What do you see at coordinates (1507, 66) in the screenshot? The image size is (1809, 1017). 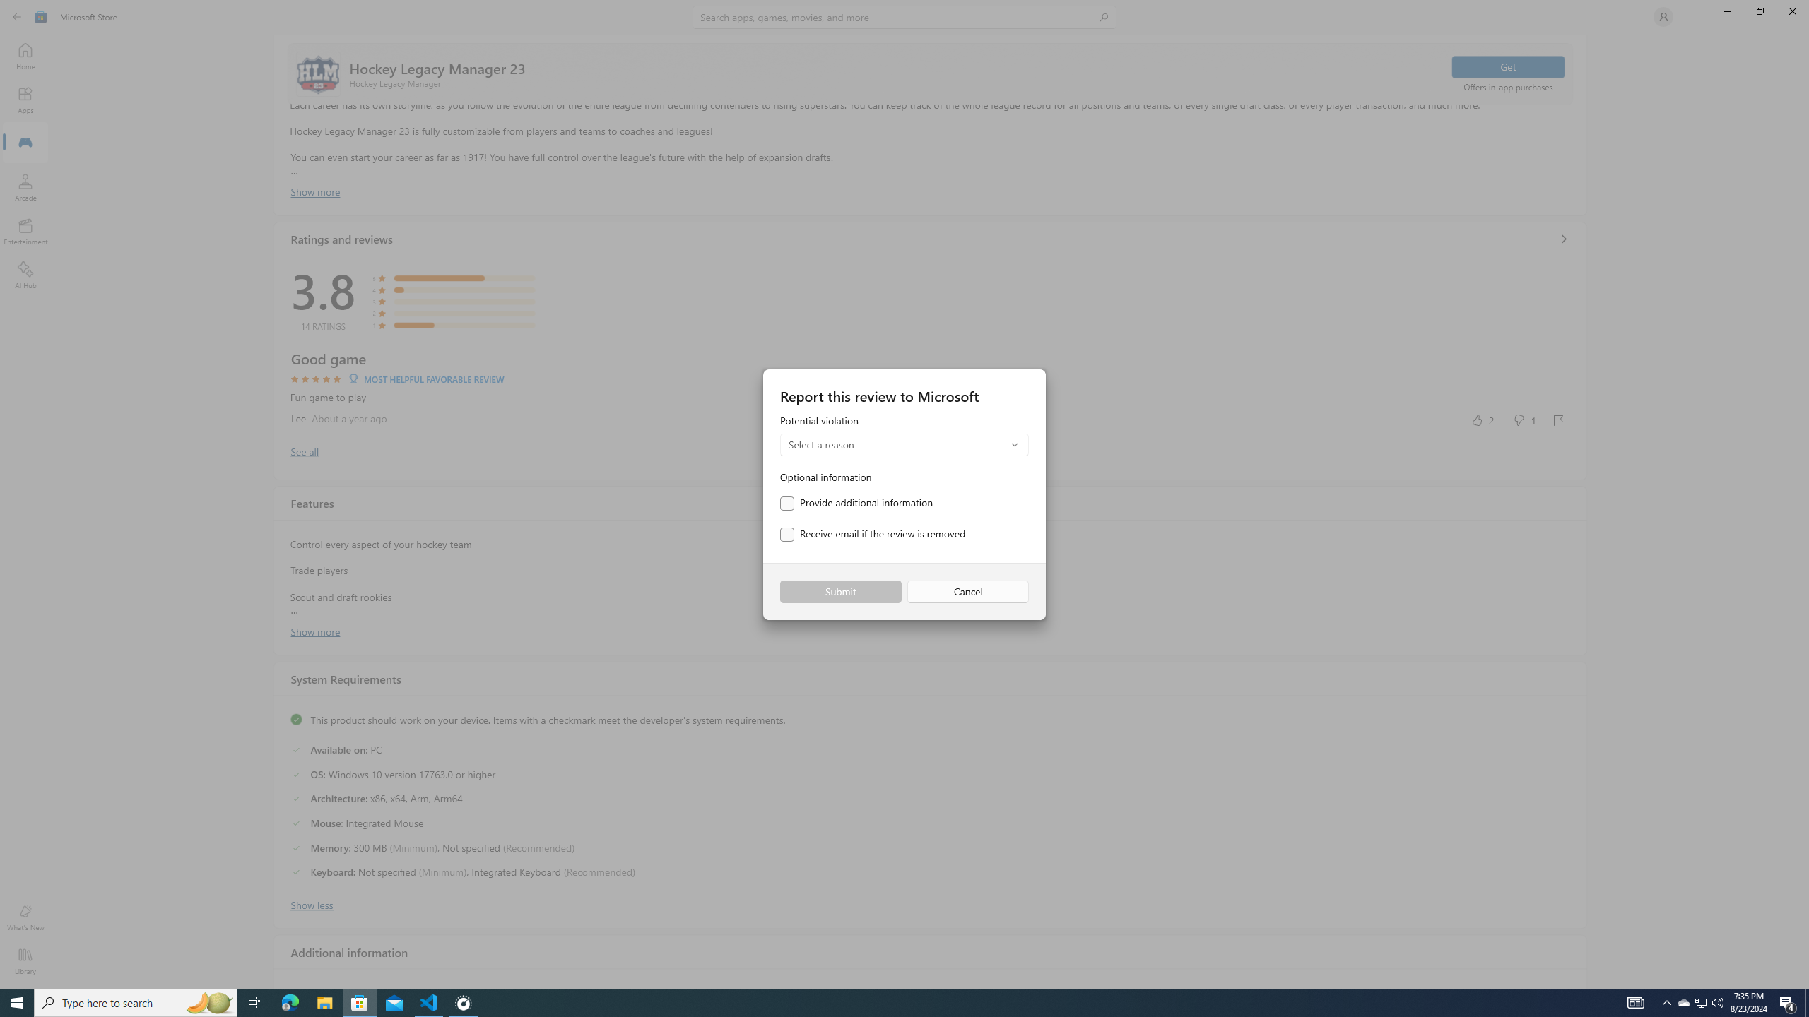 I see `'Get'` at bounding box center [1507, 66].